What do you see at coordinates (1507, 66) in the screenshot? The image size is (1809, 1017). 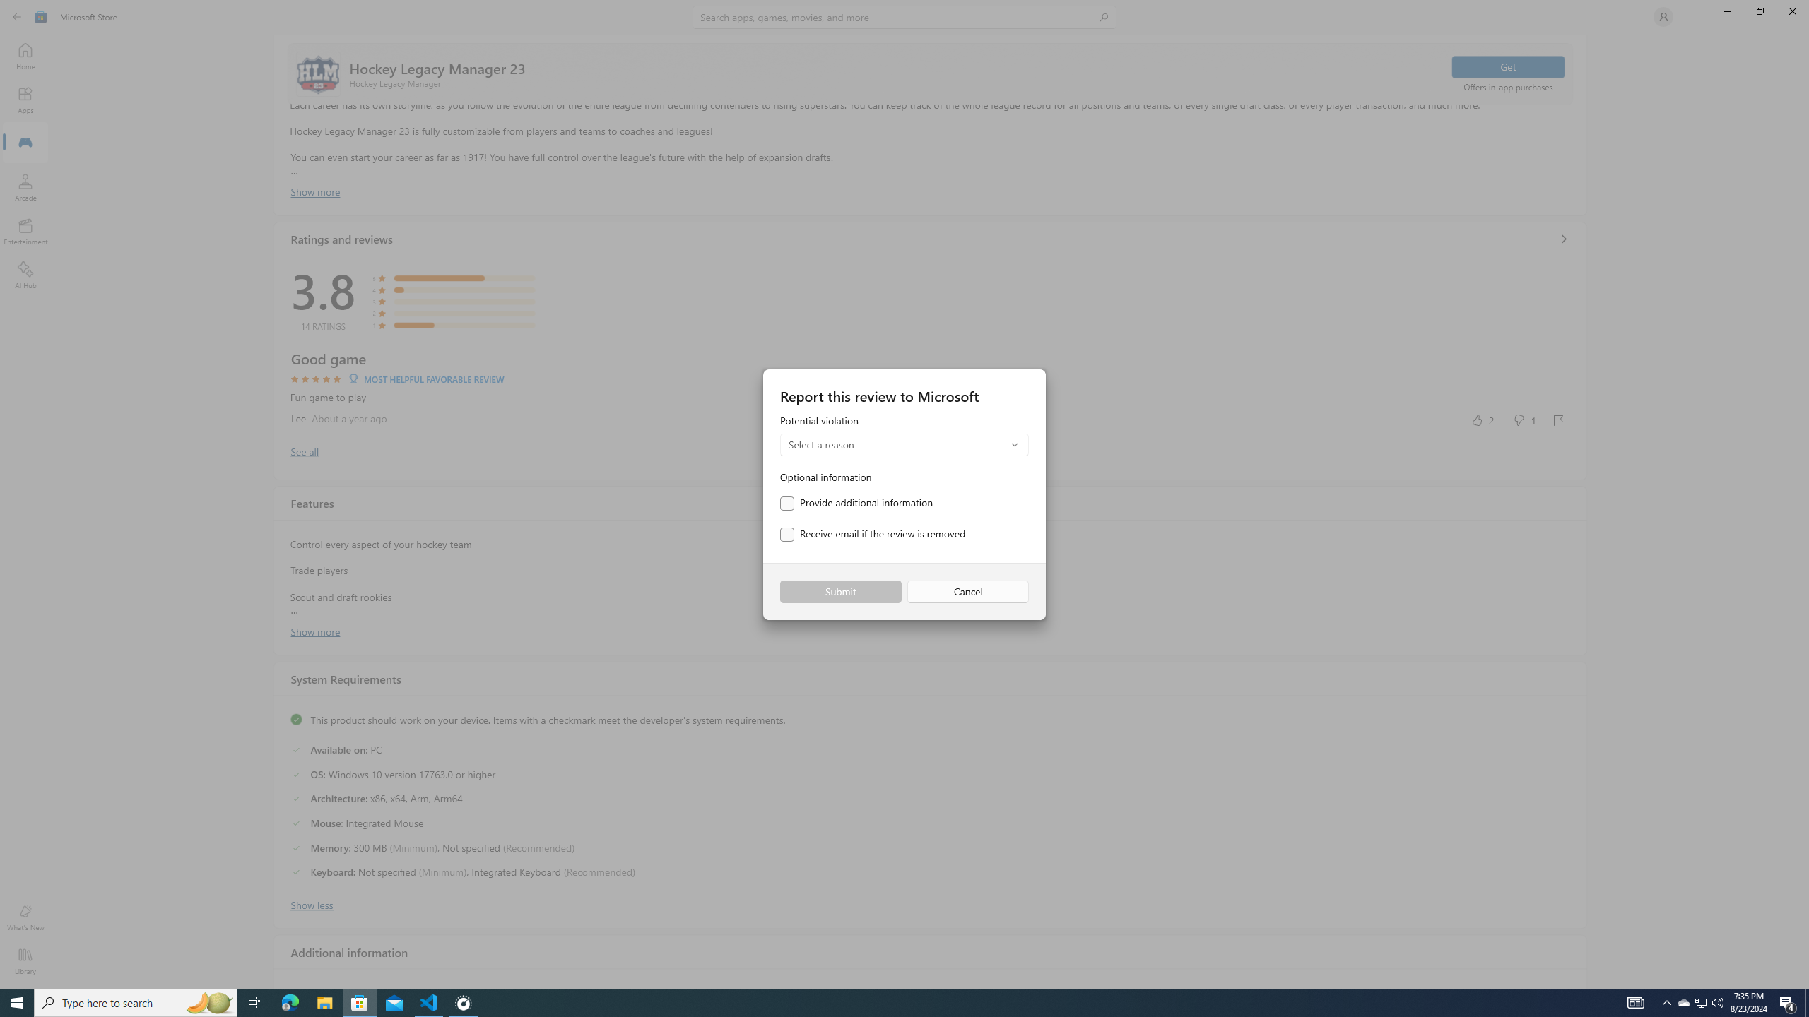 I see `'Get'` at bounding box center [1507, 66].